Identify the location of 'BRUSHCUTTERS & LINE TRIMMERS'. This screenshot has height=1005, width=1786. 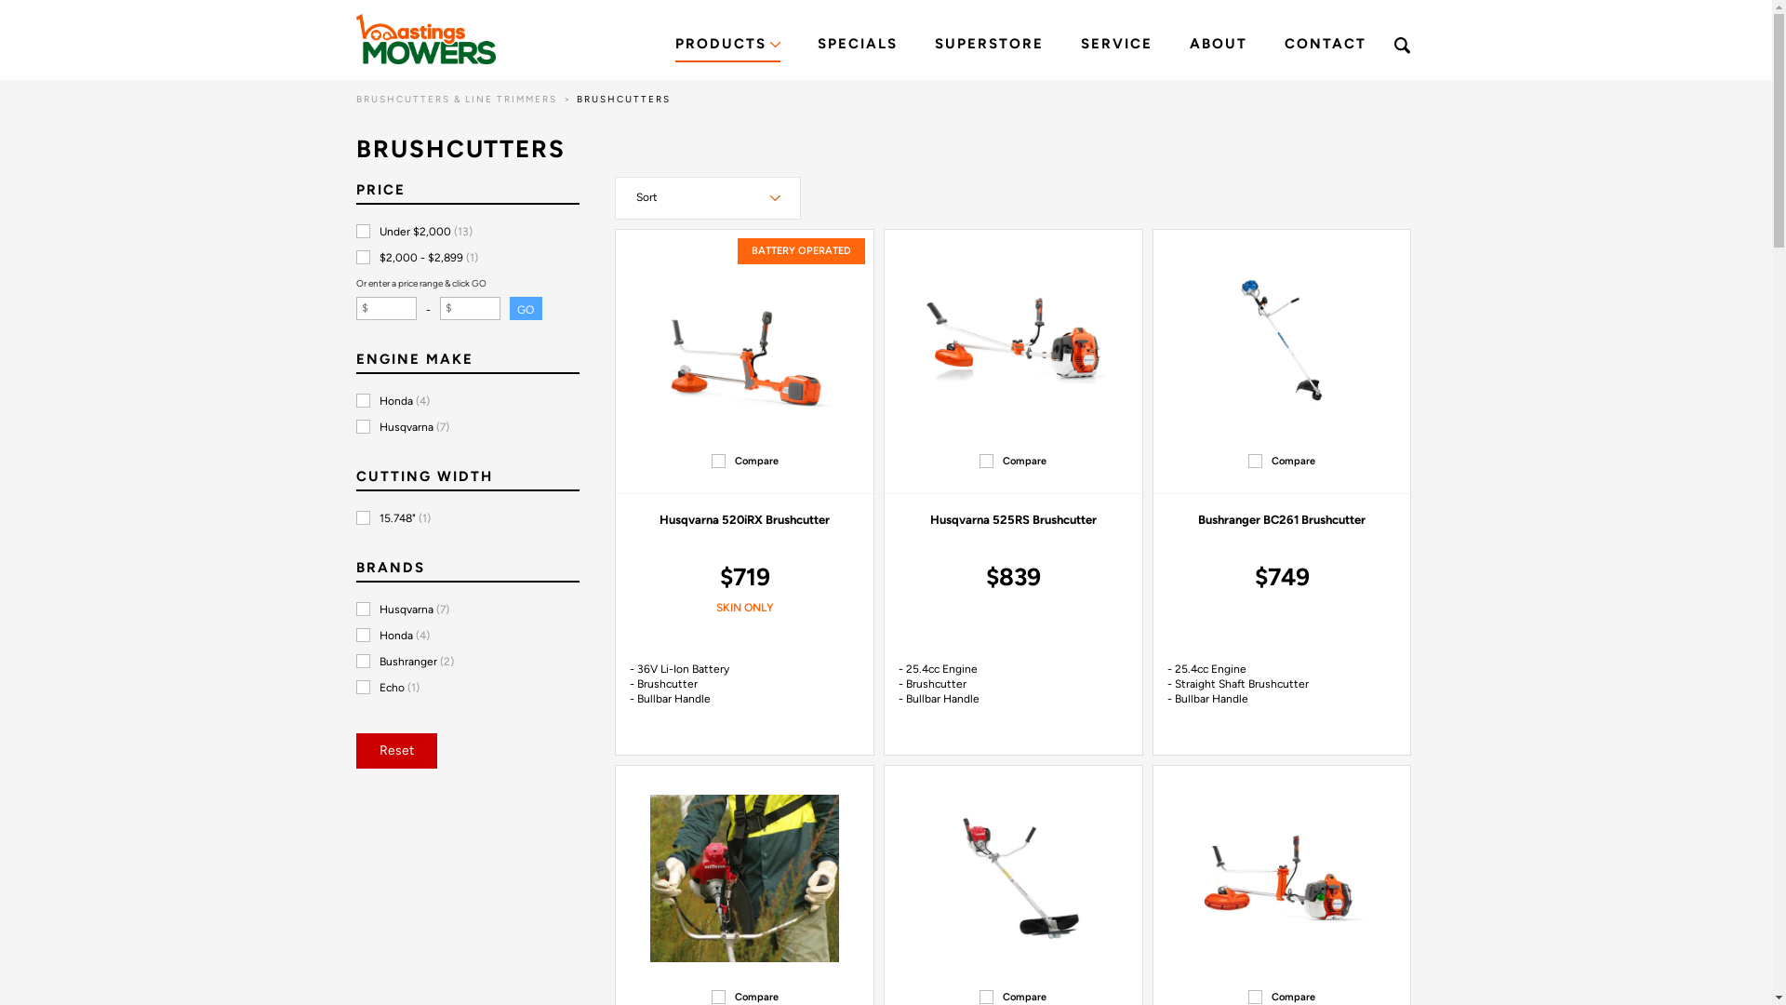
(455, 99).